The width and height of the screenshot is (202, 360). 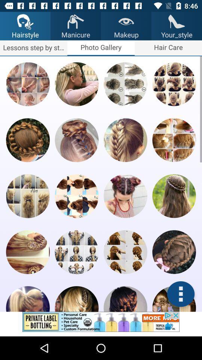 I want to click on open photo gallery, so click(x=27, y=84).